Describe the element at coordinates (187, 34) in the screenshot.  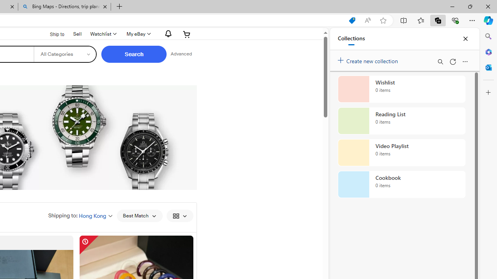
I see `'Your shopping cart'` at that location.